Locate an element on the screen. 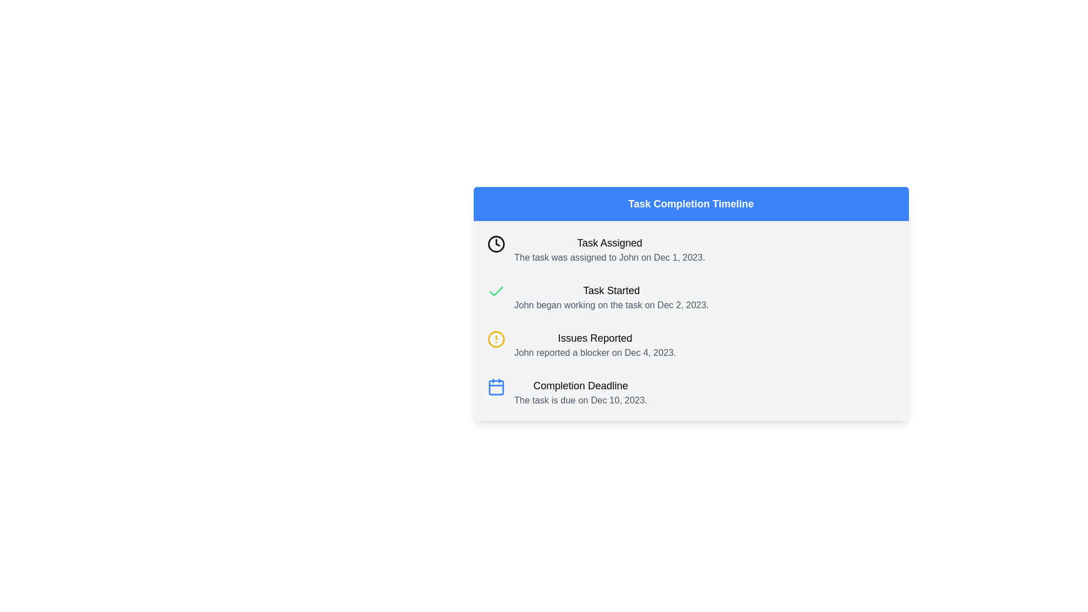 This screenshot has height=612, width=1088. static text element that displays 'John began working on the task on Dec 2, 2023.', located below the title 'Task Started' is located at coordinates (611, 305).